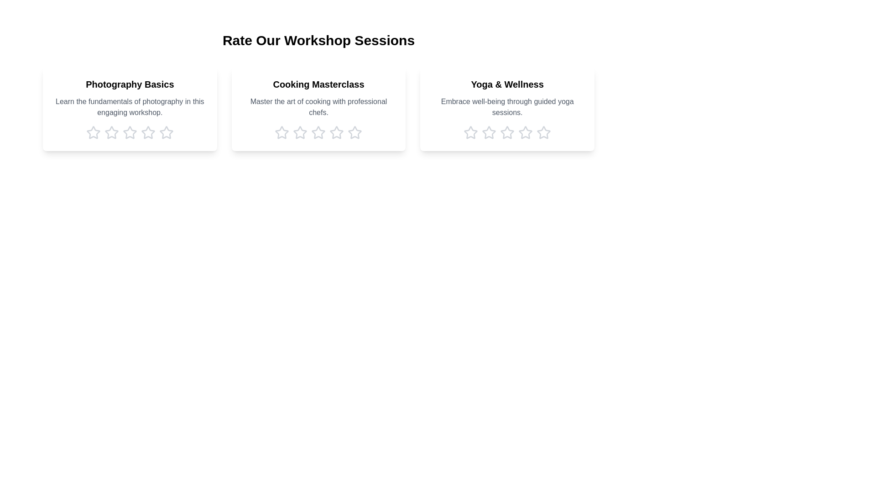 This screenshot has height=493, width=876. I want to click on the rating for a workshop to 1 stars, so click(93, 132).